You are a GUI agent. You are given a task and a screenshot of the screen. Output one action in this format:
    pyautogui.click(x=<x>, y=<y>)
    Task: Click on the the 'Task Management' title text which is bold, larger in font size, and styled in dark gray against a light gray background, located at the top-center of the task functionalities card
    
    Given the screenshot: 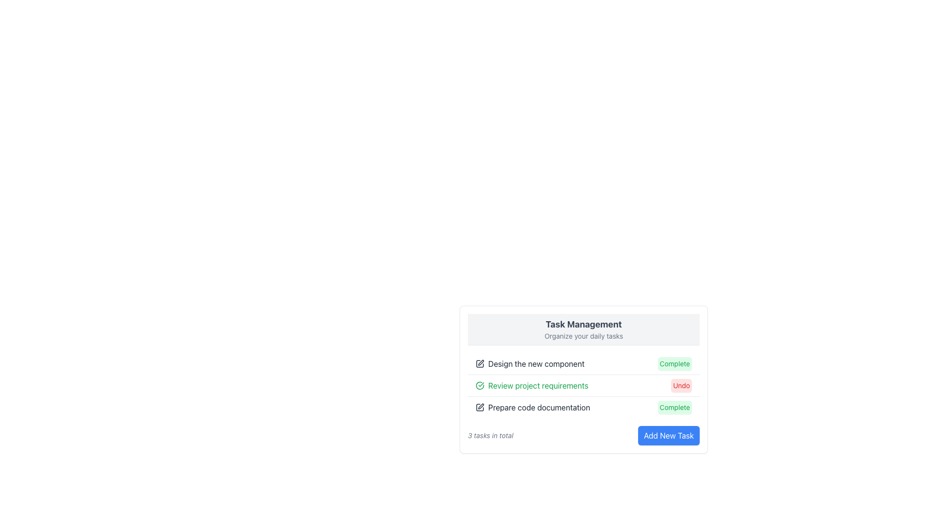 What is the action you would take?
    pyautogui.click(x=583, y=324)
    